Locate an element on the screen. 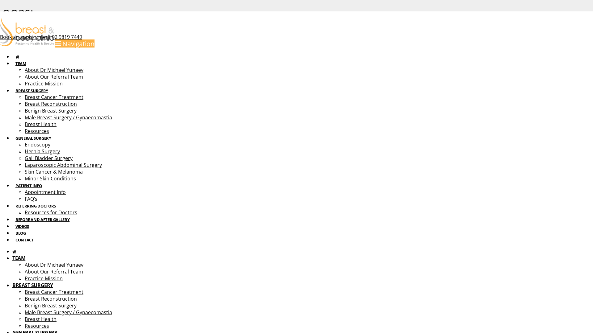 Image resolution: width=593 pixels, height=333 pixels. 'BREAST SURGERY' is located at coordinates (32, 285).